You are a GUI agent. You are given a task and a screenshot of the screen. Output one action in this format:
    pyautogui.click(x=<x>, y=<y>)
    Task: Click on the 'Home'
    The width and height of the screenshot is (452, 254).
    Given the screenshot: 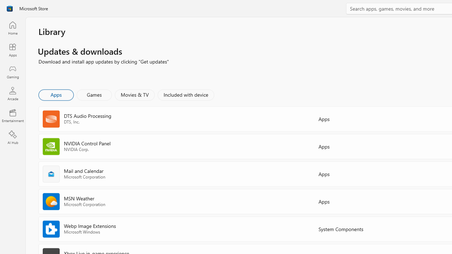 What is the action you would take?
    pyautogui.click(x=12, y=28)
    